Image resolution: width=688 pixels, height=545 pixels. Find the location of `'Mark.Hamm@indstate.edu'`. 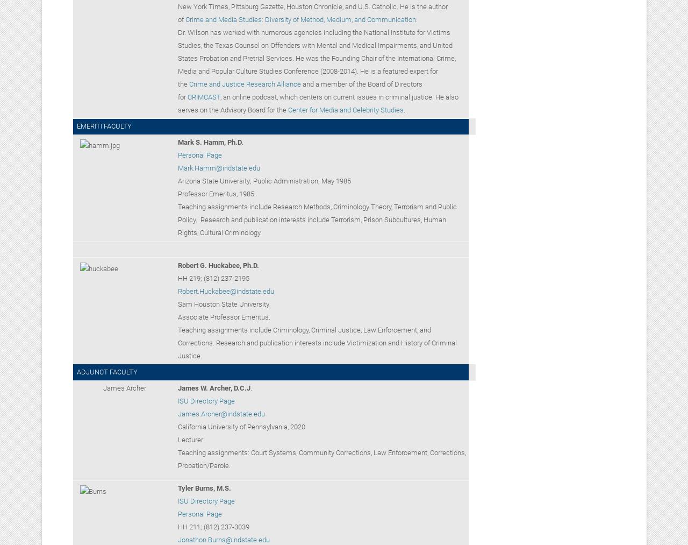

'Mark.Hamm@indstate.edu' is located at coordinates (218, 168).